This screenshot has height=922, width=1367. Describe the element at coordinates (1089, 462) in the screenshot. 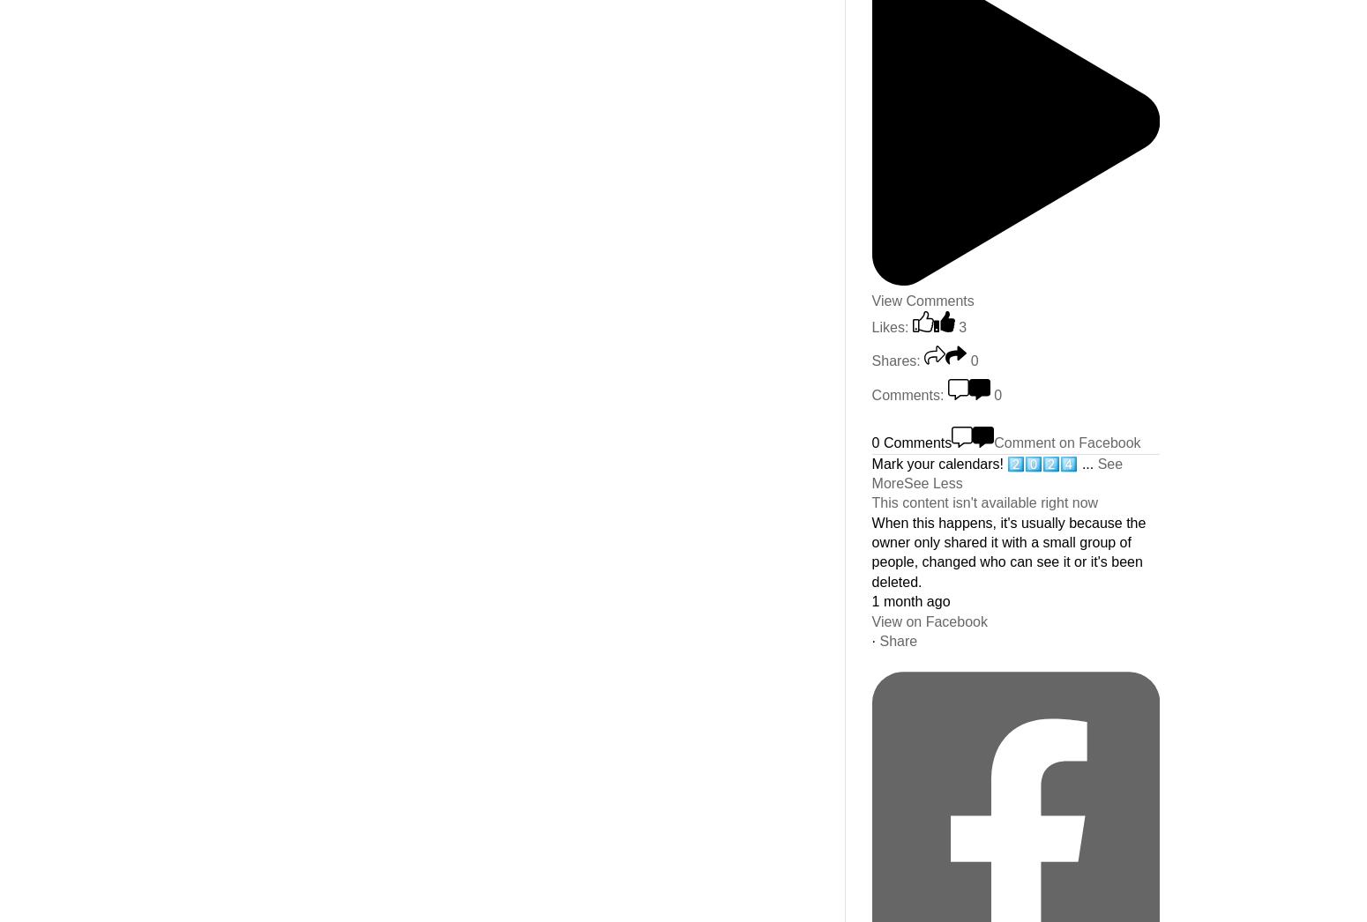

I see `'...'` at that location.